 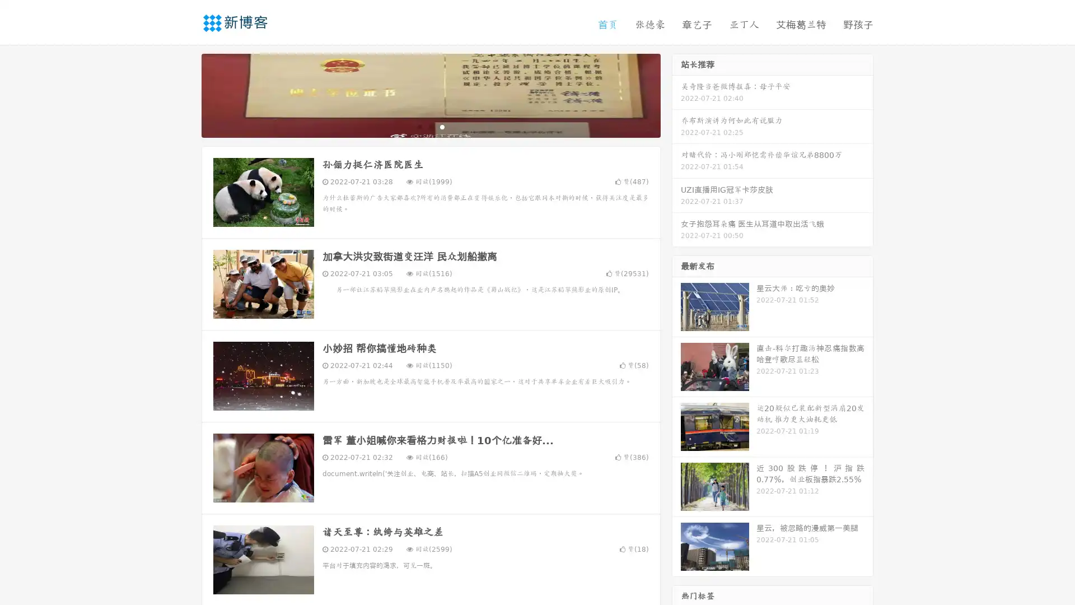 What do you see at coordinates (442, 126) in the screenshot?
I see `Go to slide 3` at bounding box center [442, 126].